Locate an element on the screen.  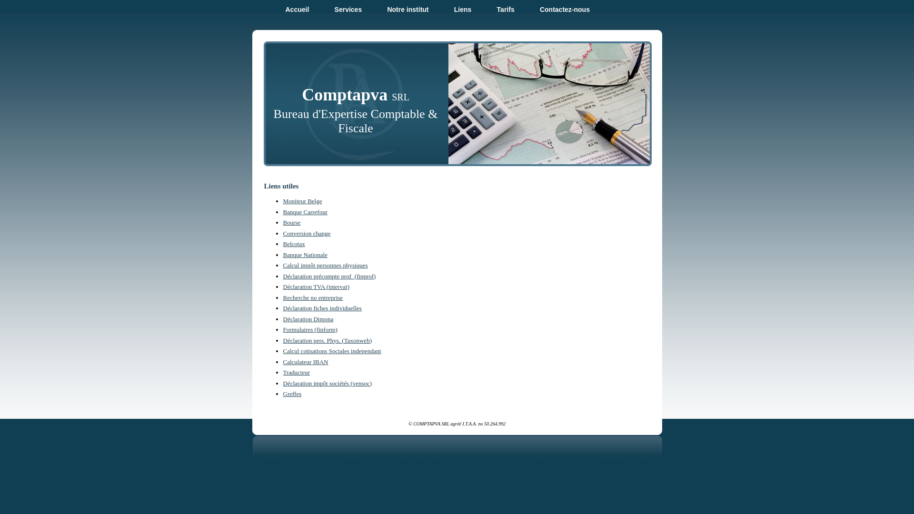
'Services' is located at coordinates (325, 9).